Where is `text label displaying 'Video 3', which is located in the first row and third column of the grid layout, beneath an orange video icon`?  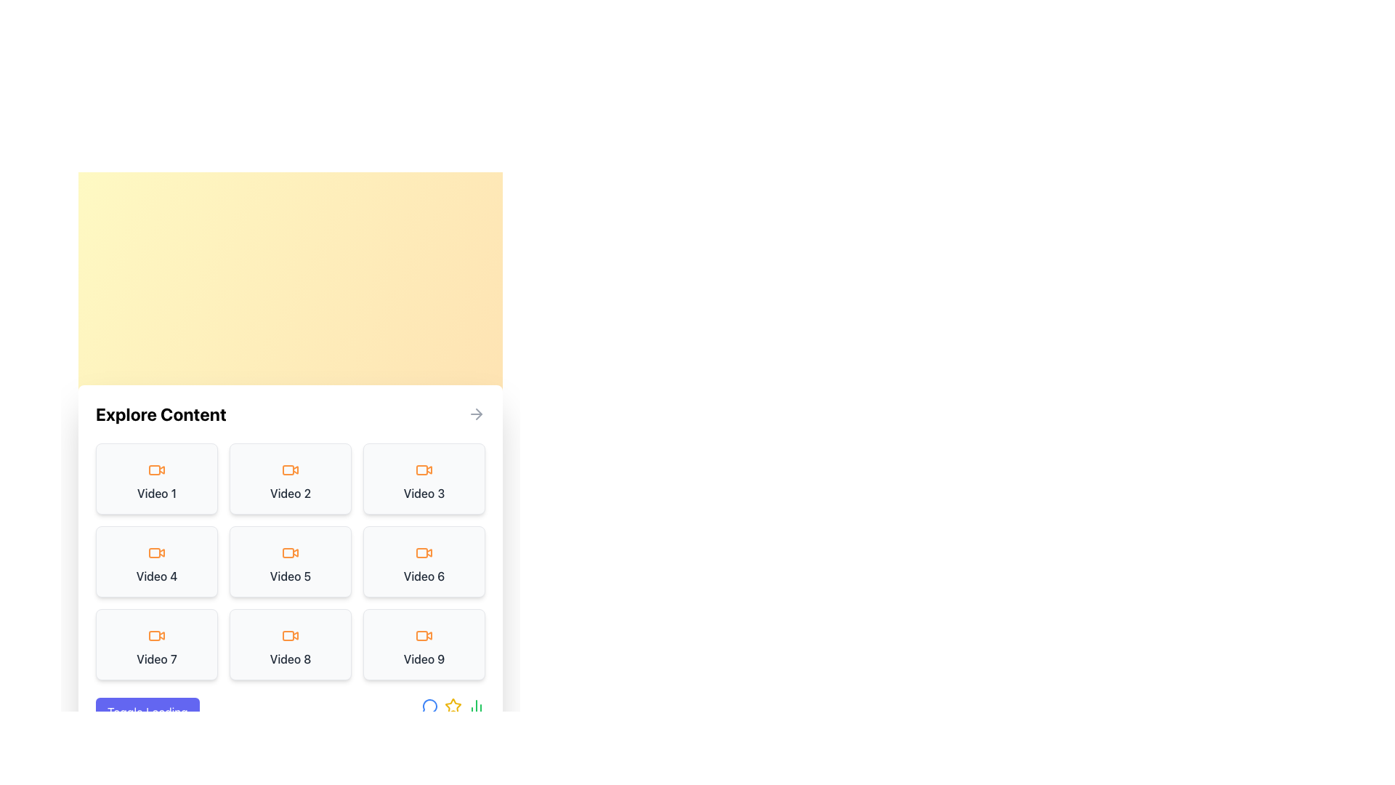
text label displaying 'Video 3', which is located in the first row and third column of the grid layout, beneath an orange video icon is located at coordinates (424, 492).